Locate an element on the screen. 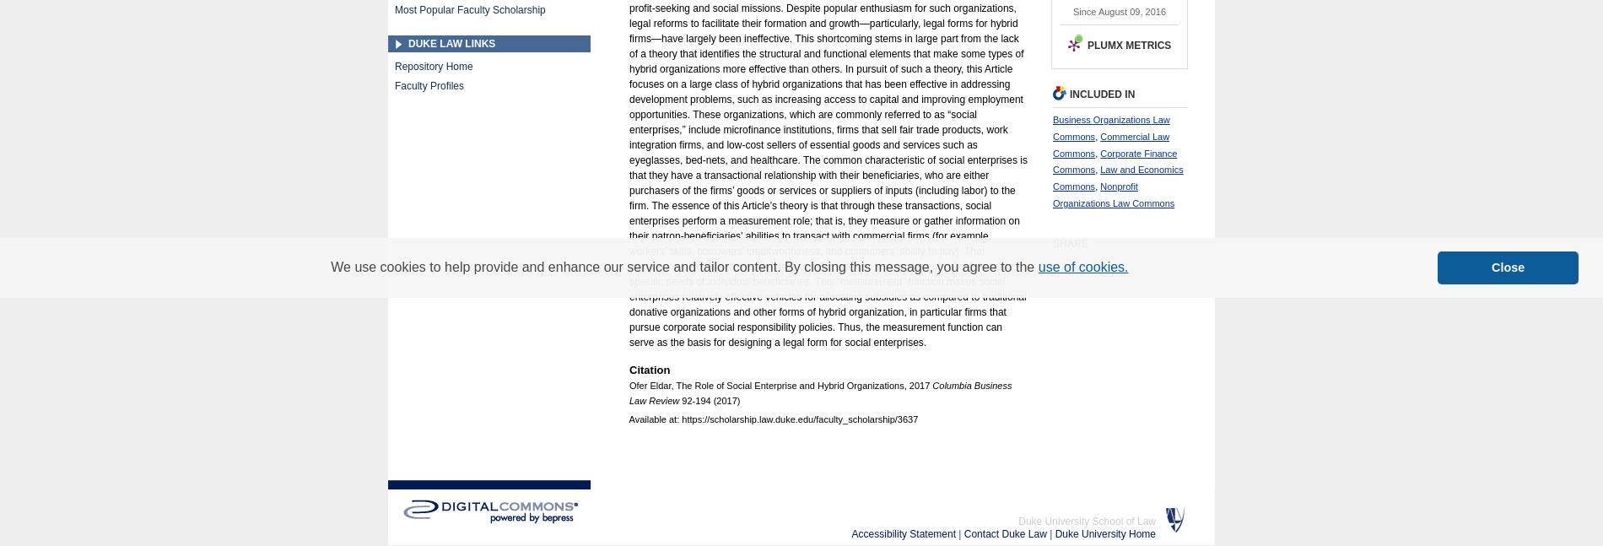  'Most Popular Faculty Scholarship' is located at coordinates (470, 8).